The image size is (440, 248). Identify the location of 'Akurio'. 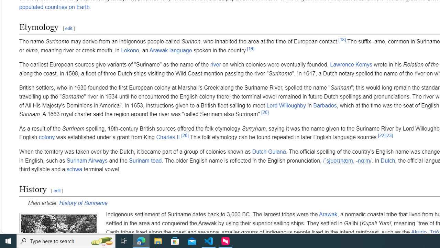
(418, 232).